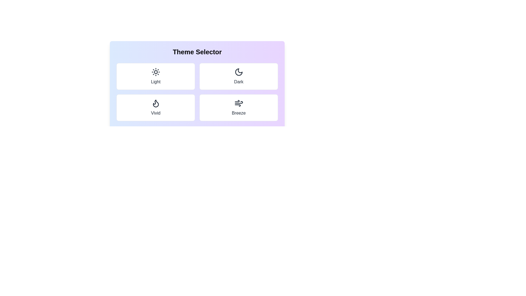  What do you see at coordinates (239, 108) in the screenshot?
I see `the theme Breeze by clicking its corresponding tile` at bounding box center [239, 108].